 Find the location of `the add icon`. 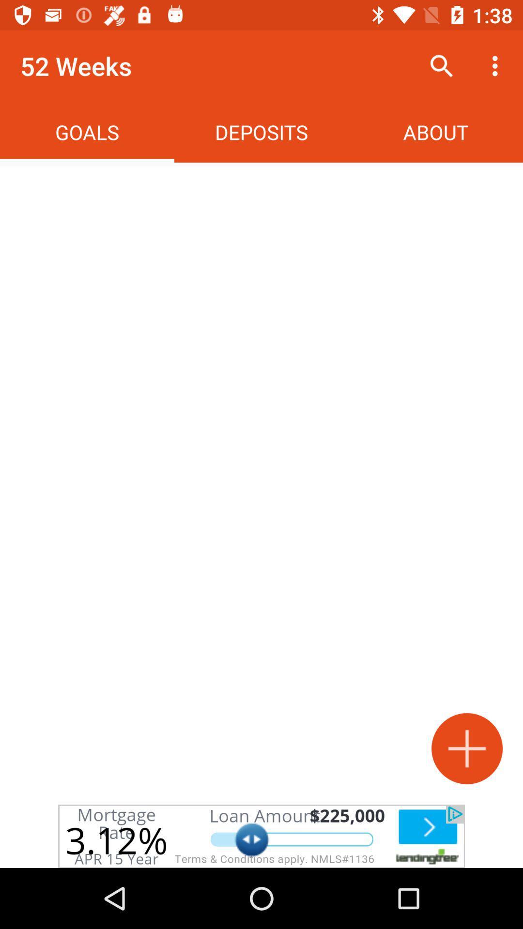

the add icon is located at coordinates (466, 748).